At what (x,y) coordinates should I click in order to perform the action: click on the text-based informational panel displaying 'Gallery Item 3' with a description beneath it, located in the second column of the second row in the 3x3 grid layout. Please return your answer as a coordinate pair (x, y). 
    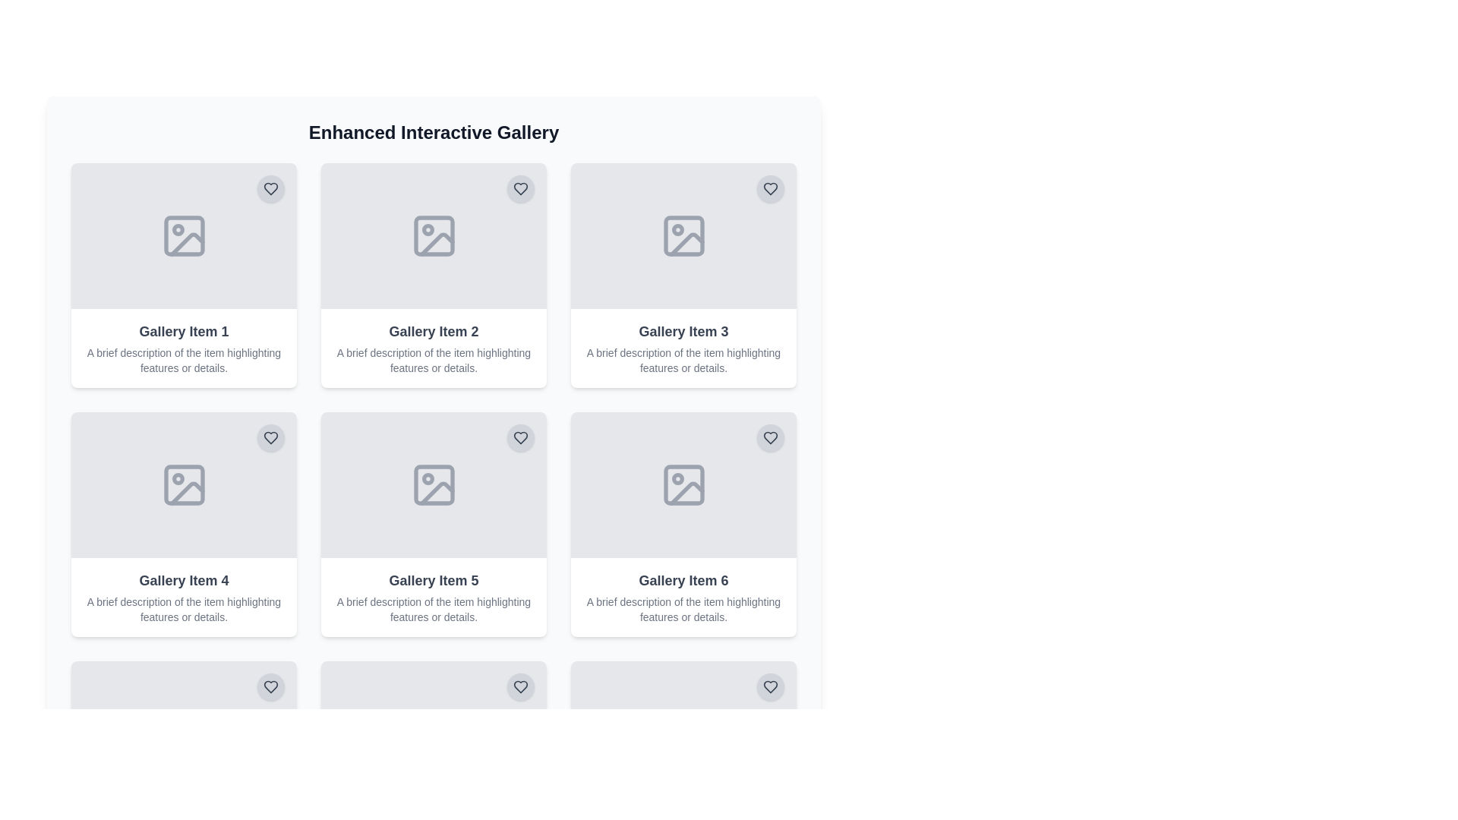
    Looking at the image, I should click on (683, 348).